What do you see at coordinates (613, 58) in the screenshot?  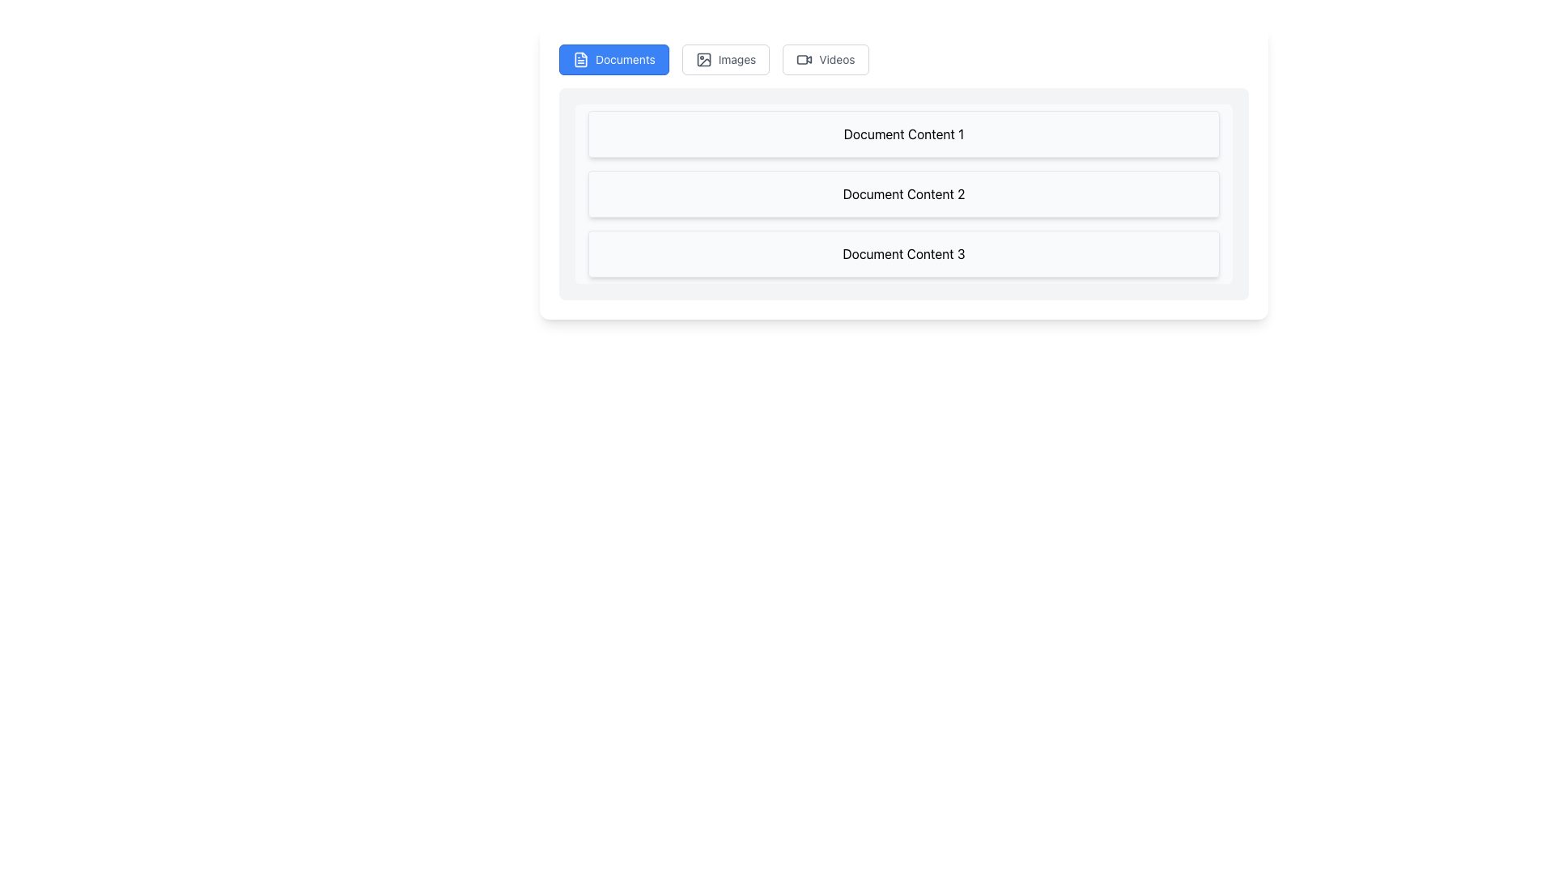 I see `the 'Documents' button located at the top left of the navigation menu` at bounding box center [613, 58].